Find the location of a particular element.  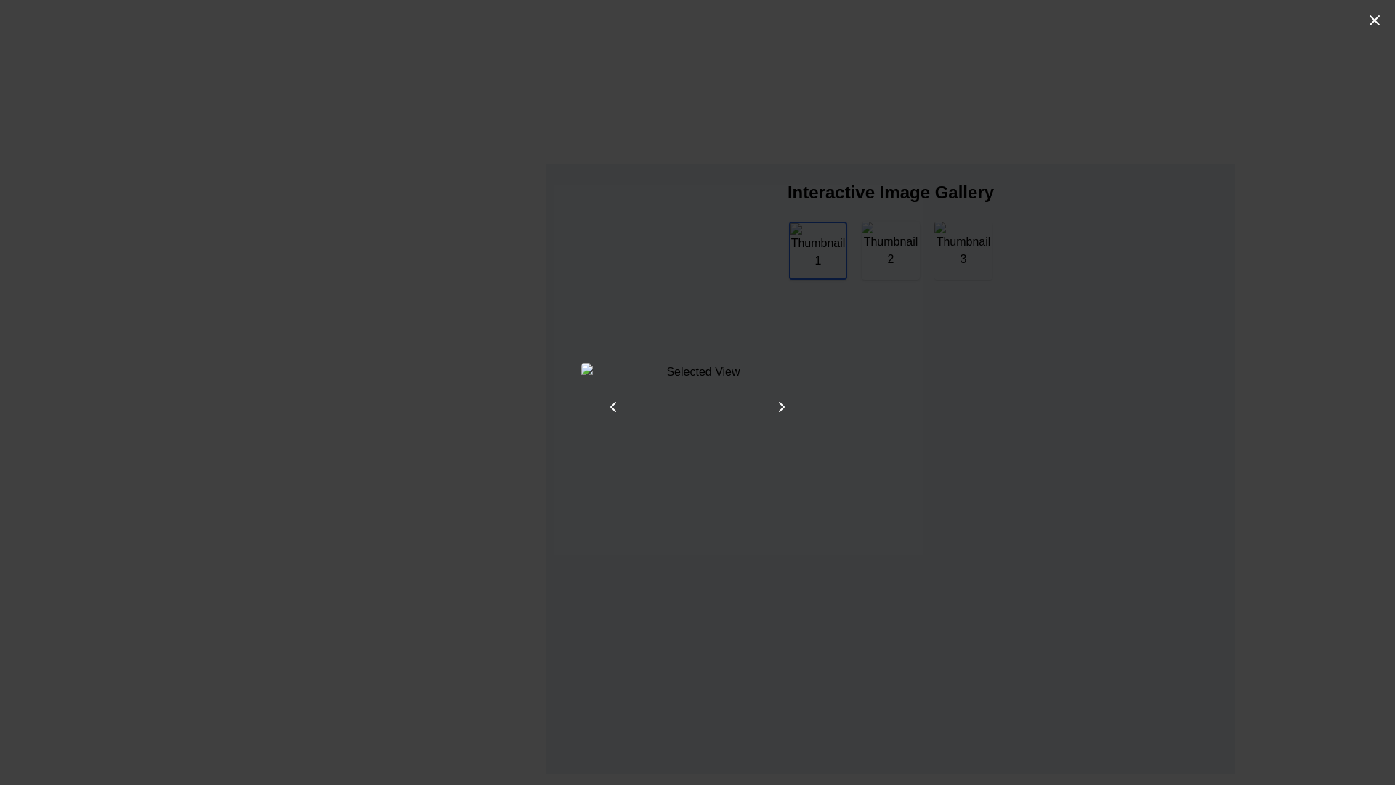

the second thumbnail element, which is an image thumbnail with rounded corners and a shadow effect is located at coordinates (889, 249).